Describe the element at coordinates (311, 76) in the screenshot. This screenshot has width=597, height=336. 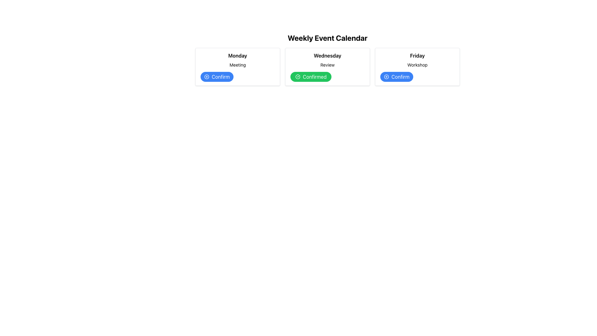
I see `the Status Indicator button that visually confirms the event for Wednesday in the Weekly Event Calendar interface` at that location.